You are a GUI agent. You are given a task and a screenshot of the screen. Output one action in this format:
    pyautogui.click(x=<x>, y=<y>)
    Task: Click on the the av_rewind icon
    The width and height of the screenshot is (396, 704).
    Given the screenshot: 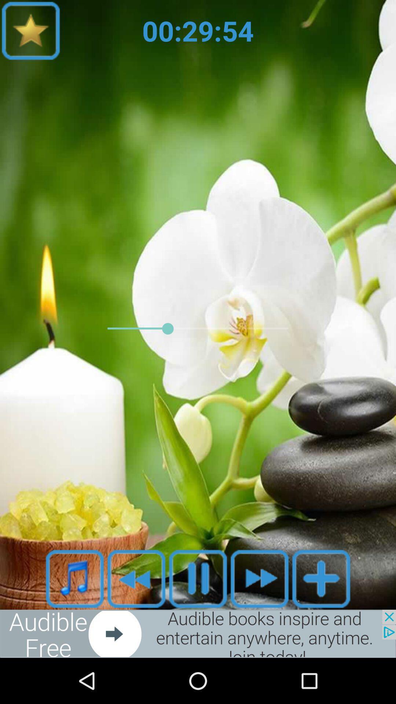 What is the action you would take?
    pyautogui.click(x=136, y=578)
    